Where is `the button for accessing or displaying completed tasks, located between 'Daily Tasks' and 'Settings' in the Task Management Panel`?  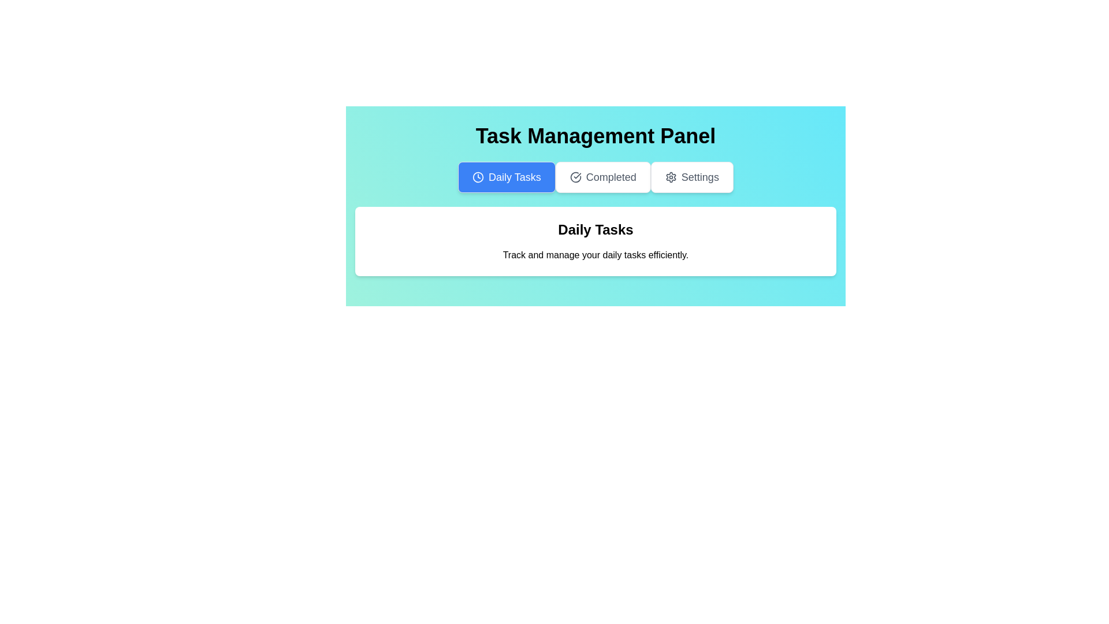 the button for accessing or displaying completed tasks, located between 'Daily Tasks' and 'Settings' in the Task Management Panel is located at coordinates (602, 177).